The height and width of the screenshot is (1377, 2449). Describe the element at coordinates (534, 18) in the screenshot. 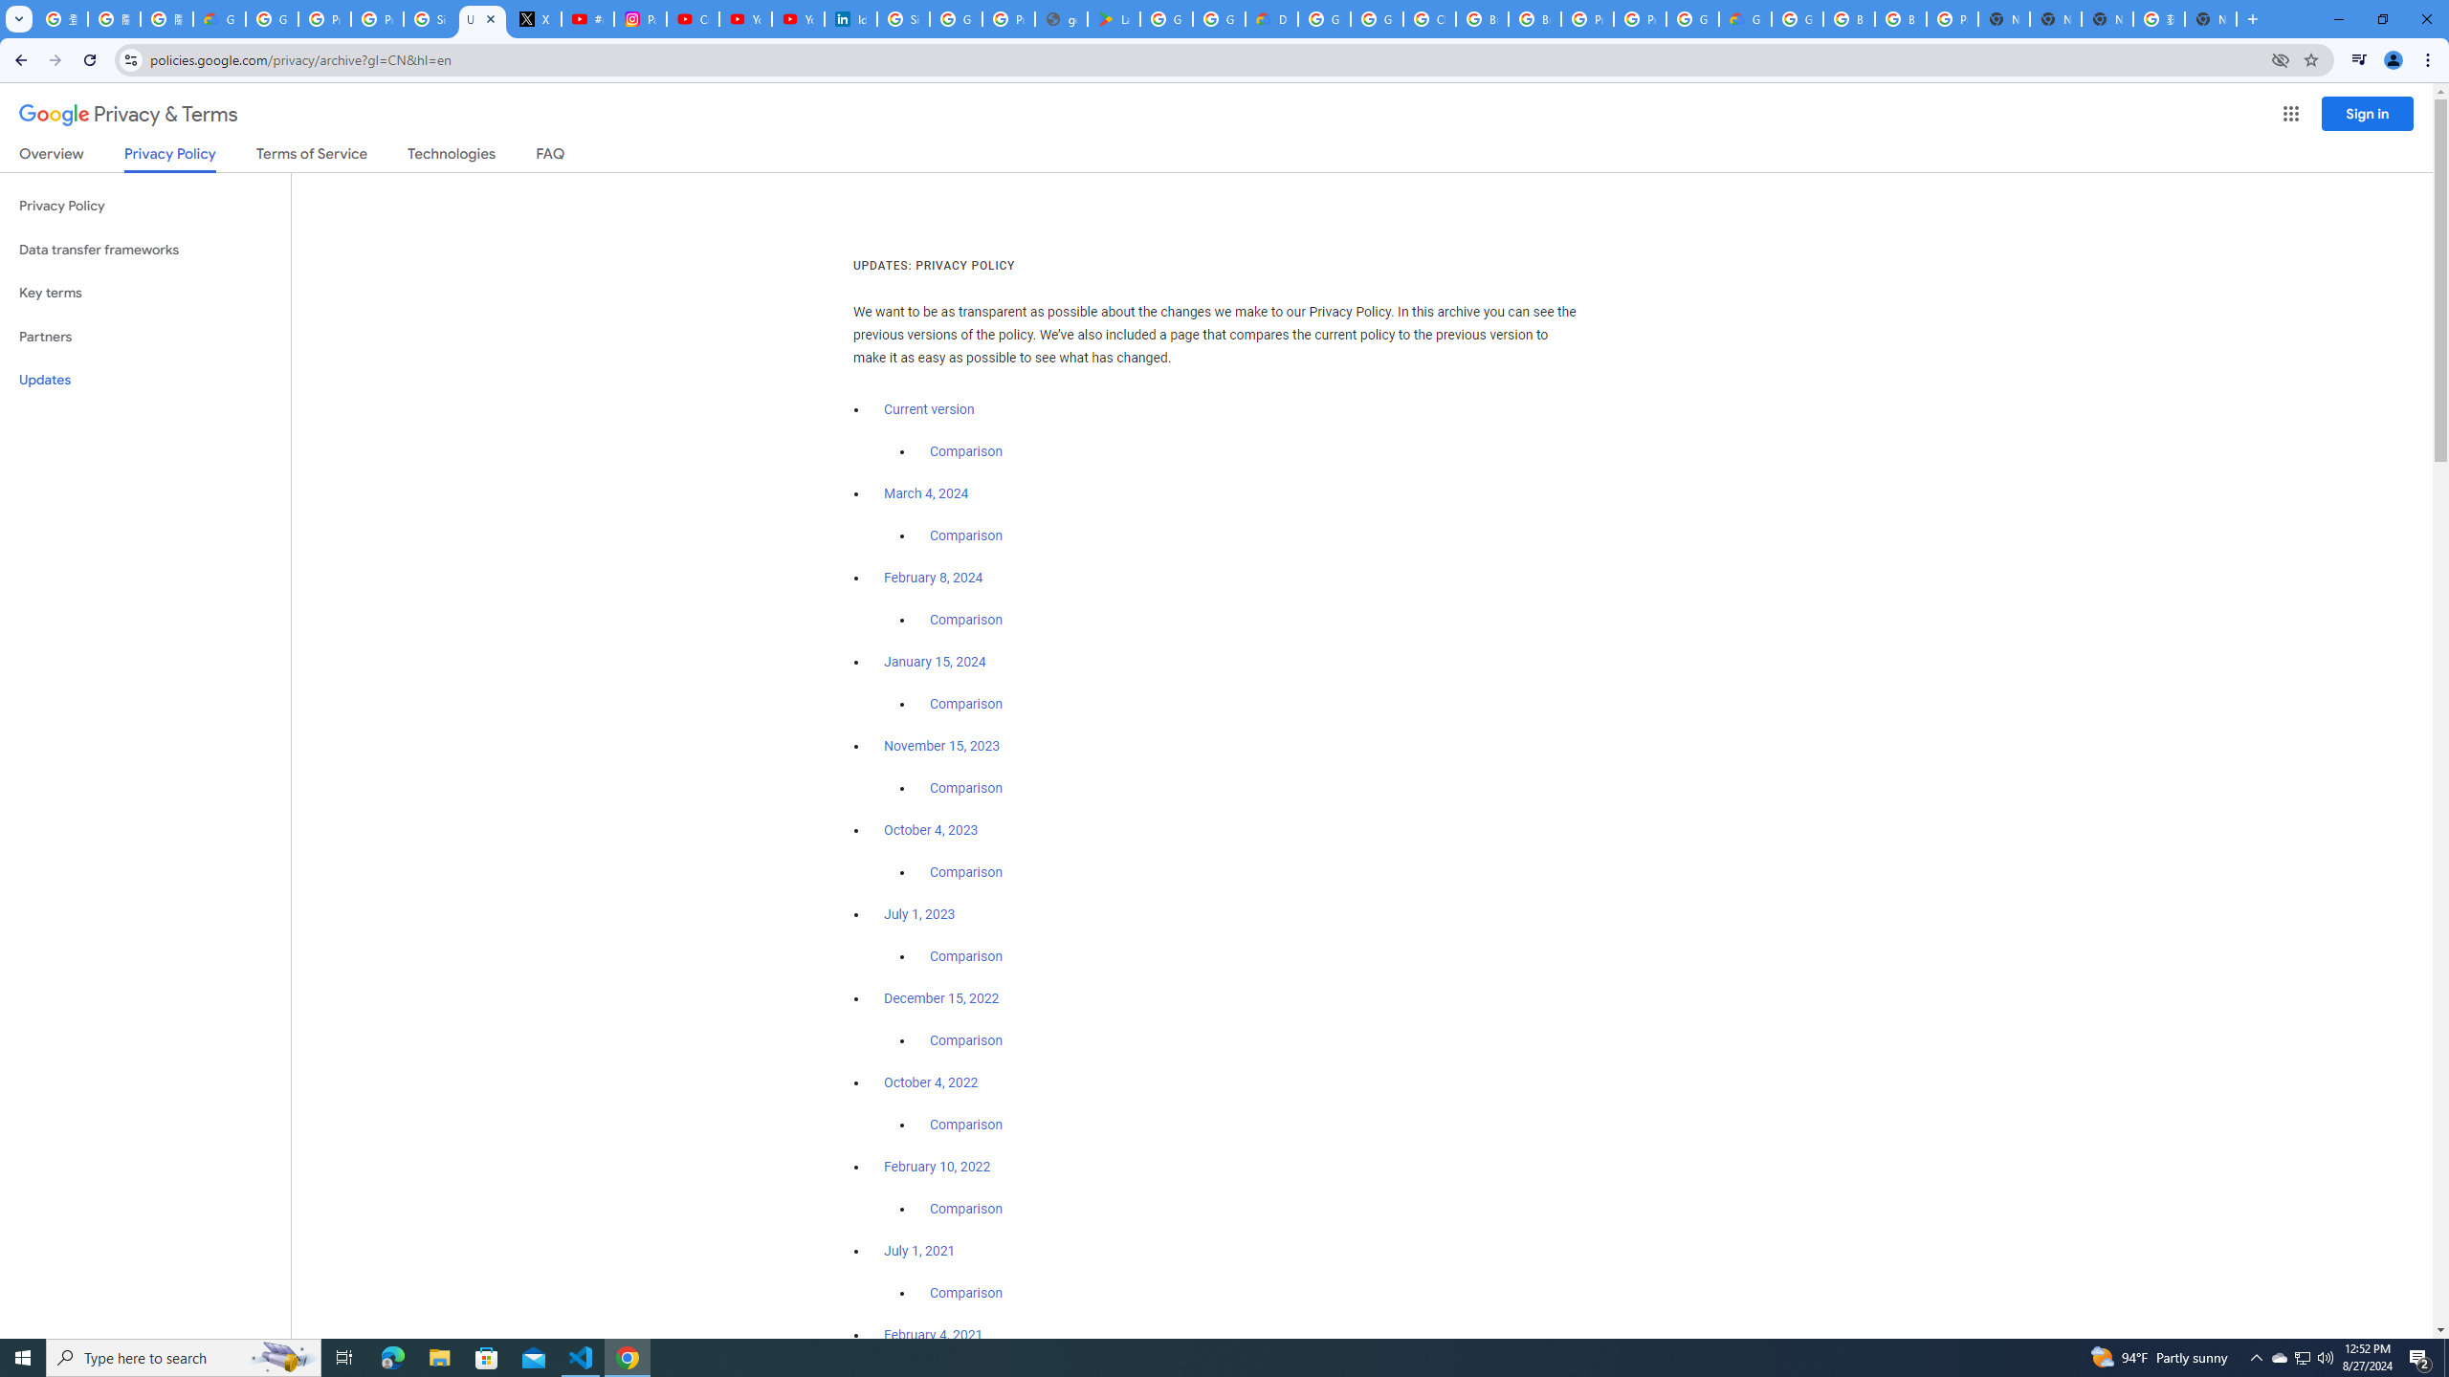

I see `'X'` at that location.